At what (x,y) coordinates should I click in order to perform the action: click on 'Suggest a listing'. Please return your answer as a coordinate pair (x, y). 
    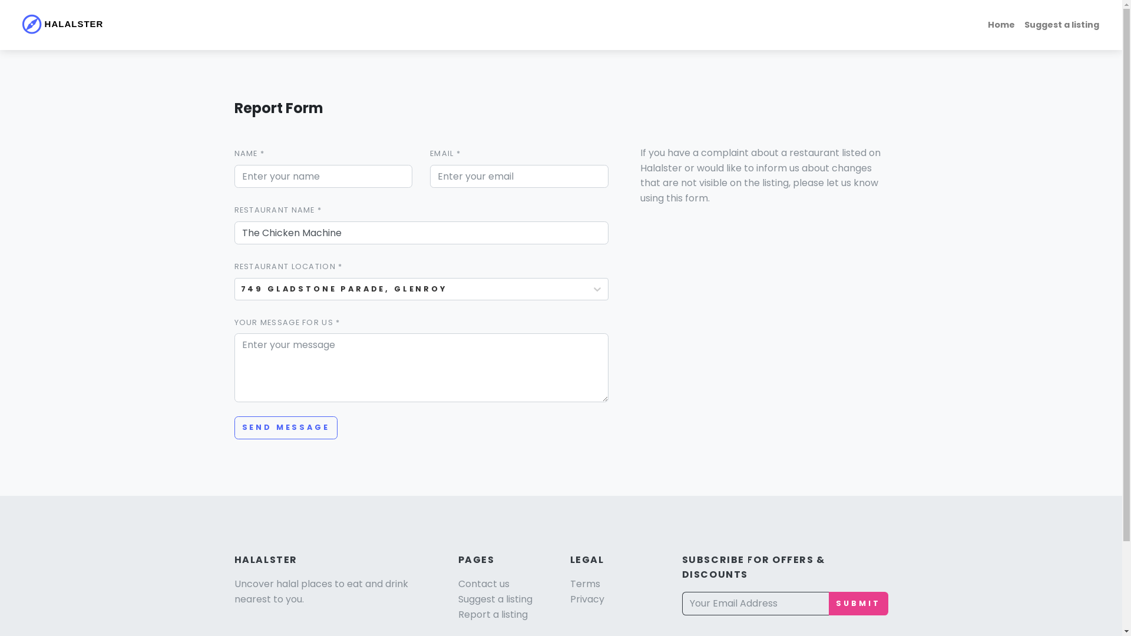
    Looking at the image, I should click on (1019, 25).